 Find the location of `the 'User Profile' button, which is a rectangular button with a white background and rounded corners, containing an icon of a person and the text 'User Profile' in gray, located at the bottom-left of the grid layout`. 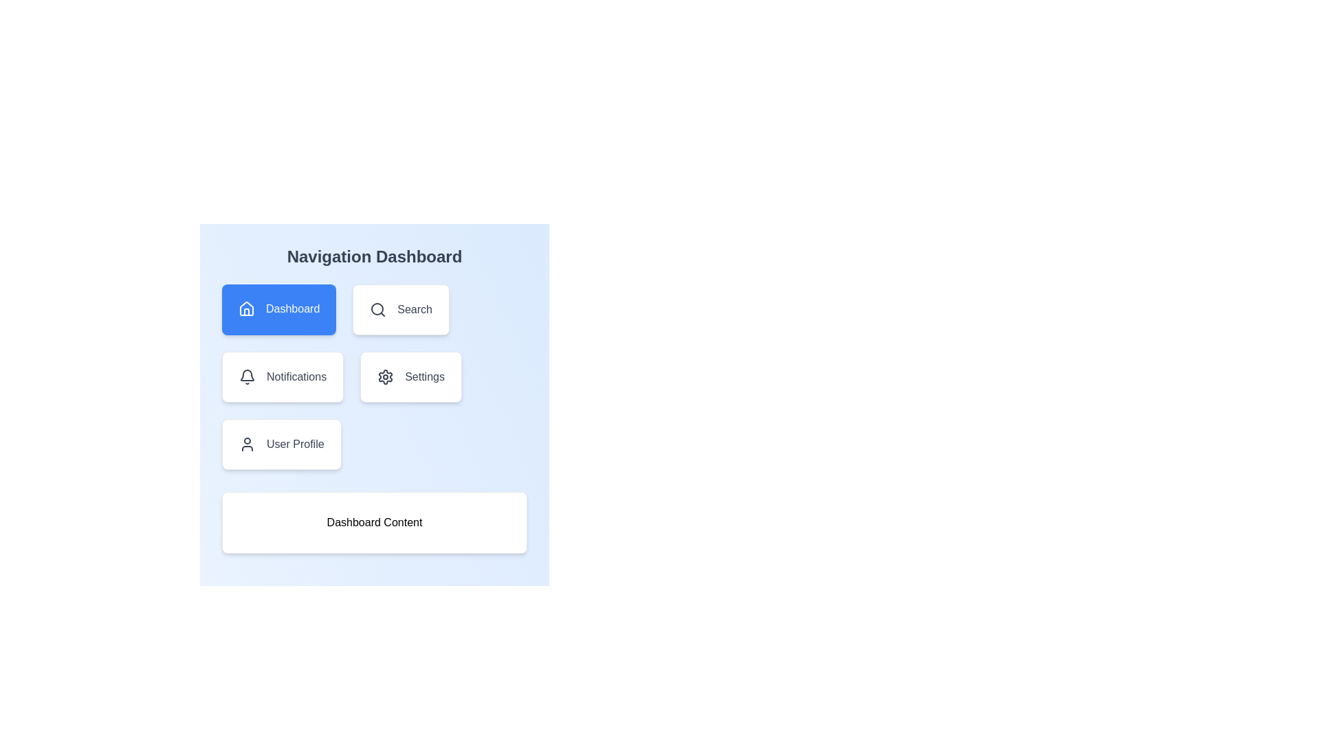

the 'User Profile' button, which is a rectangular button with a white background and rounded corners, containing an icon of a person and the text 'User Profile' in gray, located at the bottom-left of the grid layout is located at coordinates (280, 445).